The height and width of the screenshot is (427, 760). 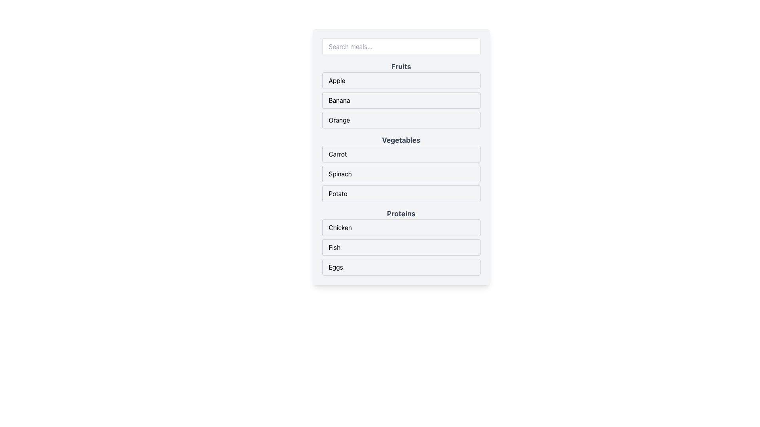 I want to click on the text label displaying 'Potato', which is the third item under the 'Vegetables' section in the interface, so click(x=338, y=193).